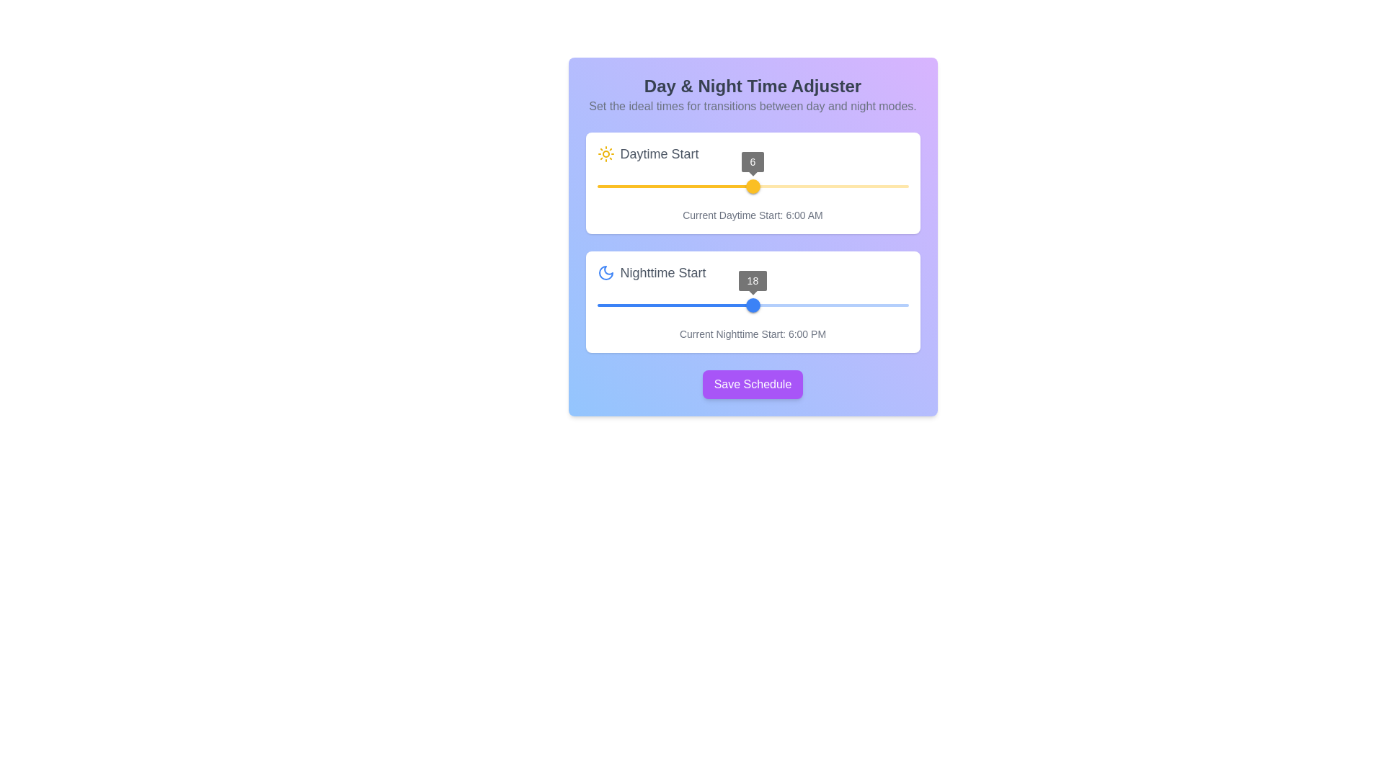 Image resolution: width=1384 pixels, height=778 pixels. What do you see at coordinates (752, 153) in the screenshot?
I see `the 'Daytime Start' label` at bounding box center [752, 153].